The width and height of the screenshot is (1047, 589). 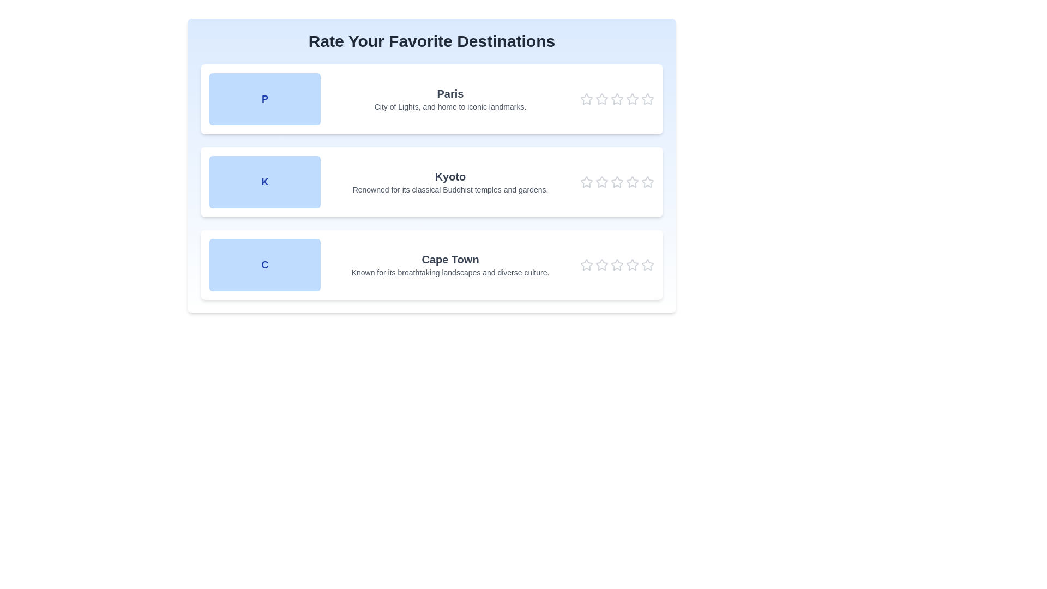 I want to click on the fourth star icon, so click(x=617, y=99).